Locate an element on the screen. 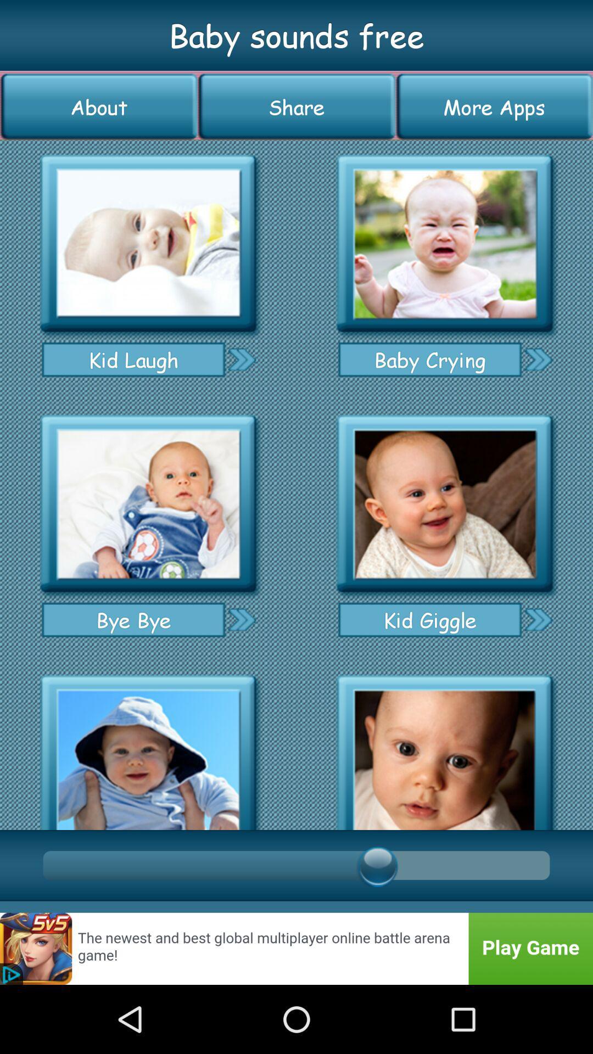 Image resolution: width=593 pixels, height=1054 pixels. the sound is located at coordinates (148, 748).